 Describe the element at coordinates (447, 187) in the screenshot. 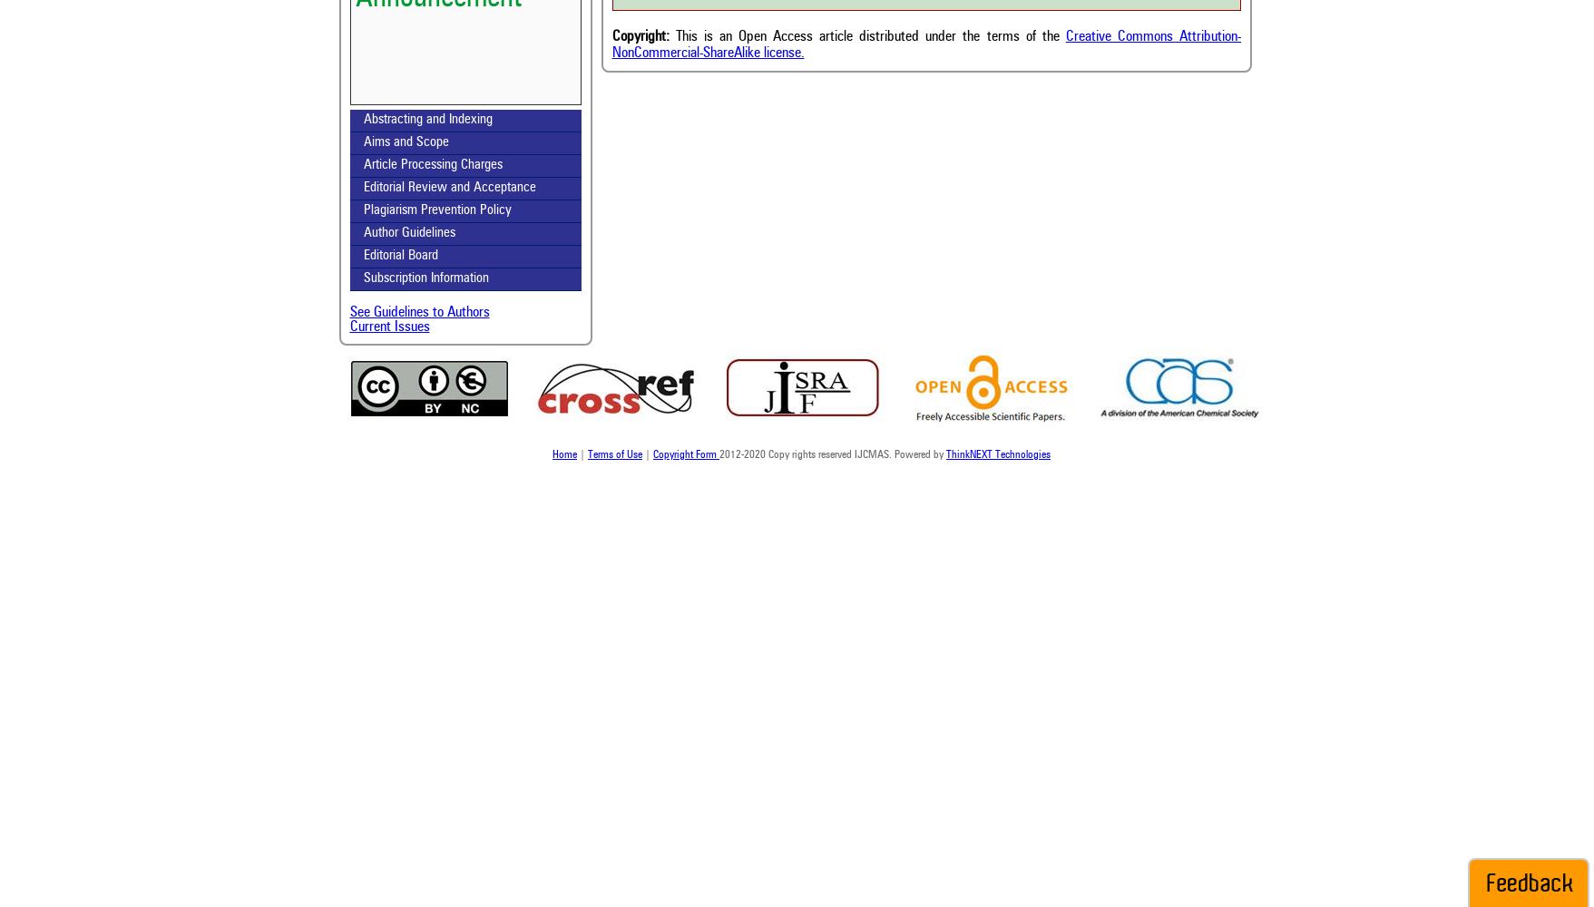

I see `'Editorial Review and Acceptance'` at that location.